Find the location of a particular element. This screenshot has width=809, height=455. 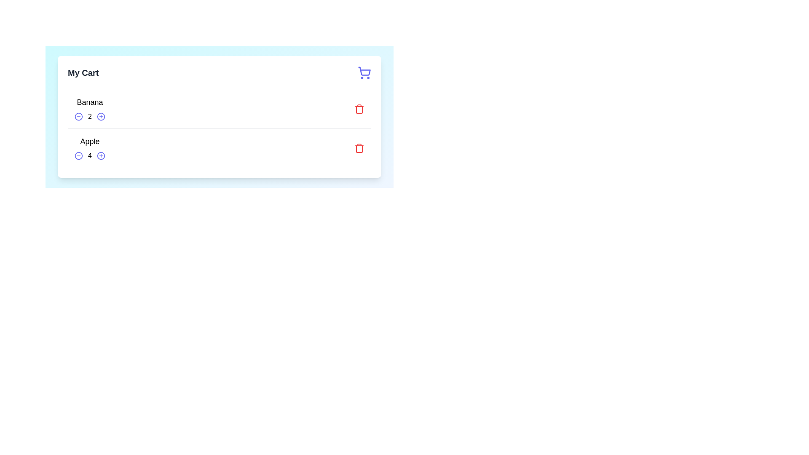

the static text display showing the digit '4' that is centrally positioned between two circular buttons in the second row for the item labeled 'Apple' is located at coordinates (90, 156).